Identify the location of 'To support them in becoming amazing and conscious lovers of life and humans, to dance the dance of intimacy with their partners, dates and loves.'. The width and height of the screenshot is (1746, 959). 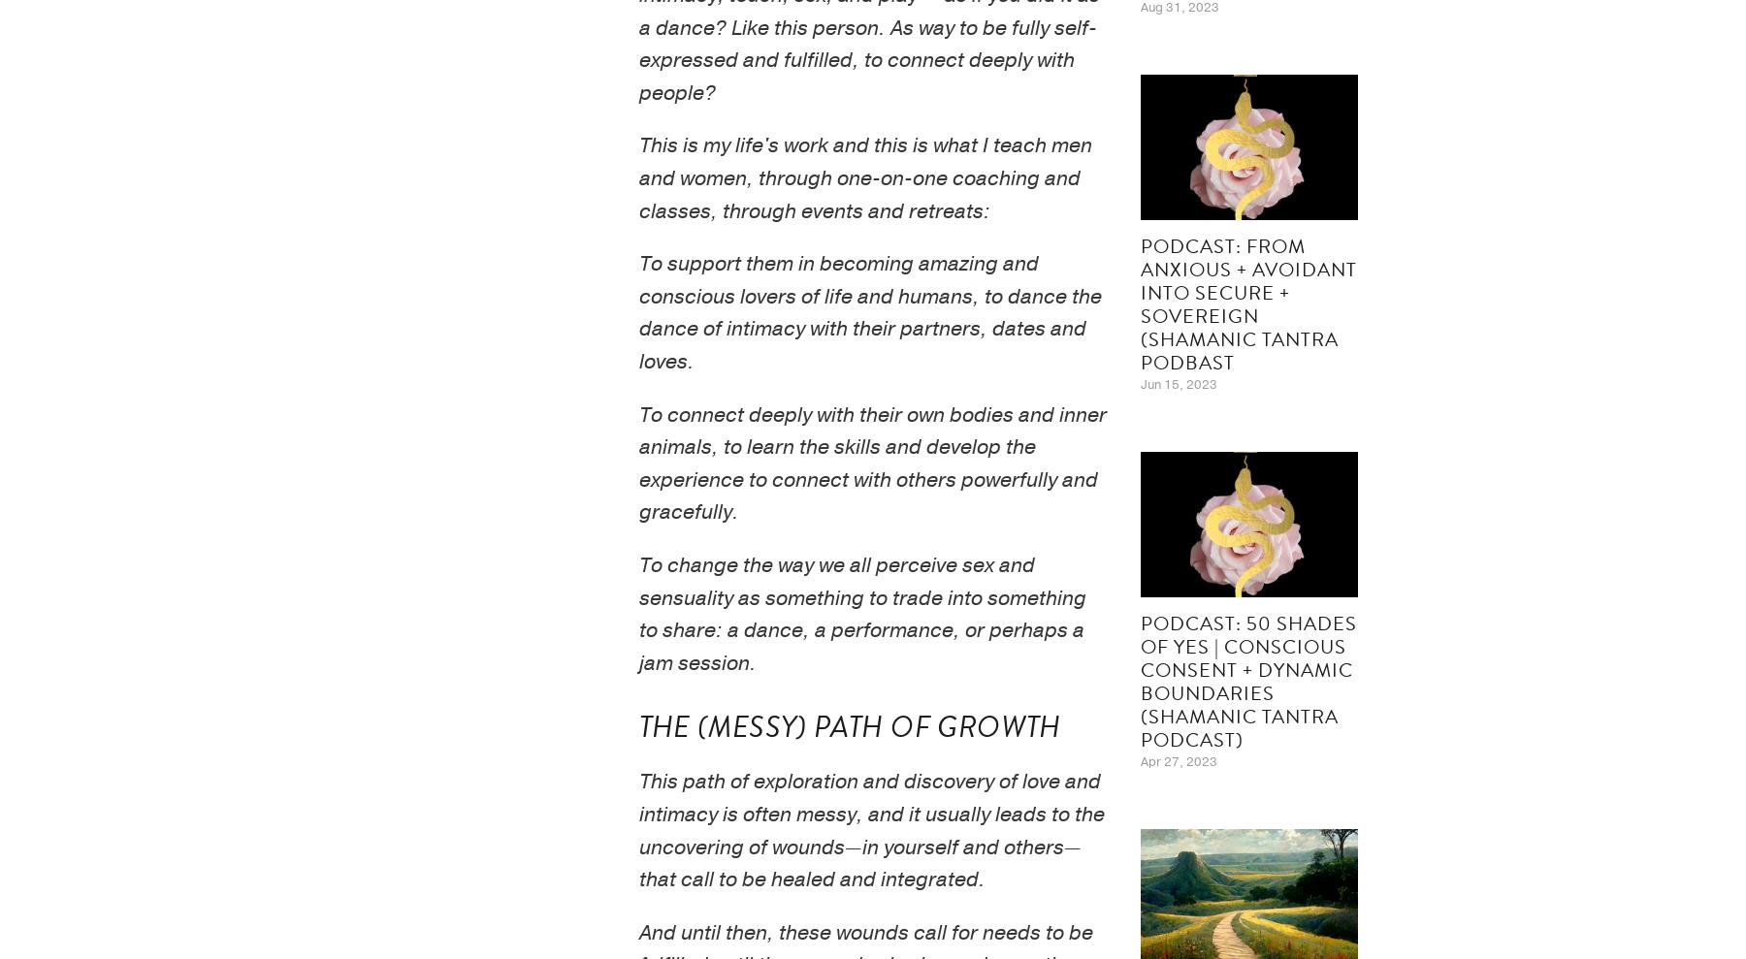
(638, 312).